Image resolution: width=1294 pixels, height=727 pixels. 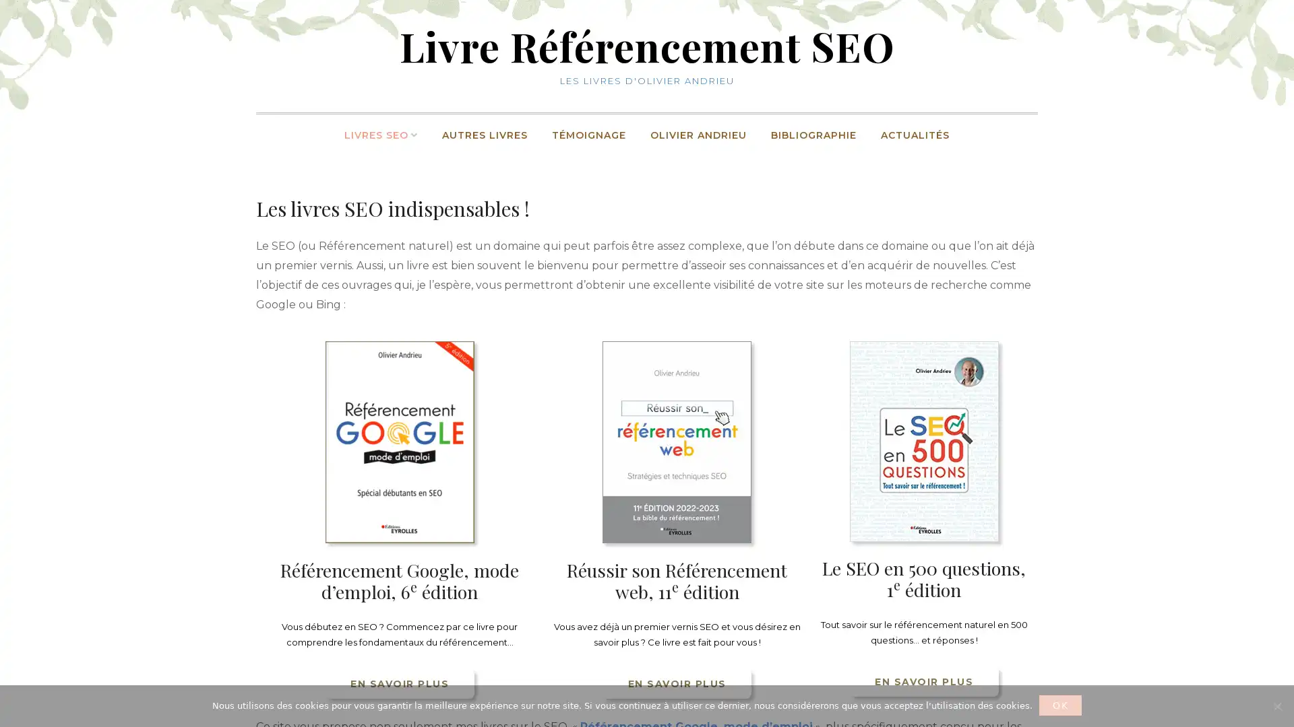 I want to click on EN SAVOIR PLUS, so click(x=923, y=681).